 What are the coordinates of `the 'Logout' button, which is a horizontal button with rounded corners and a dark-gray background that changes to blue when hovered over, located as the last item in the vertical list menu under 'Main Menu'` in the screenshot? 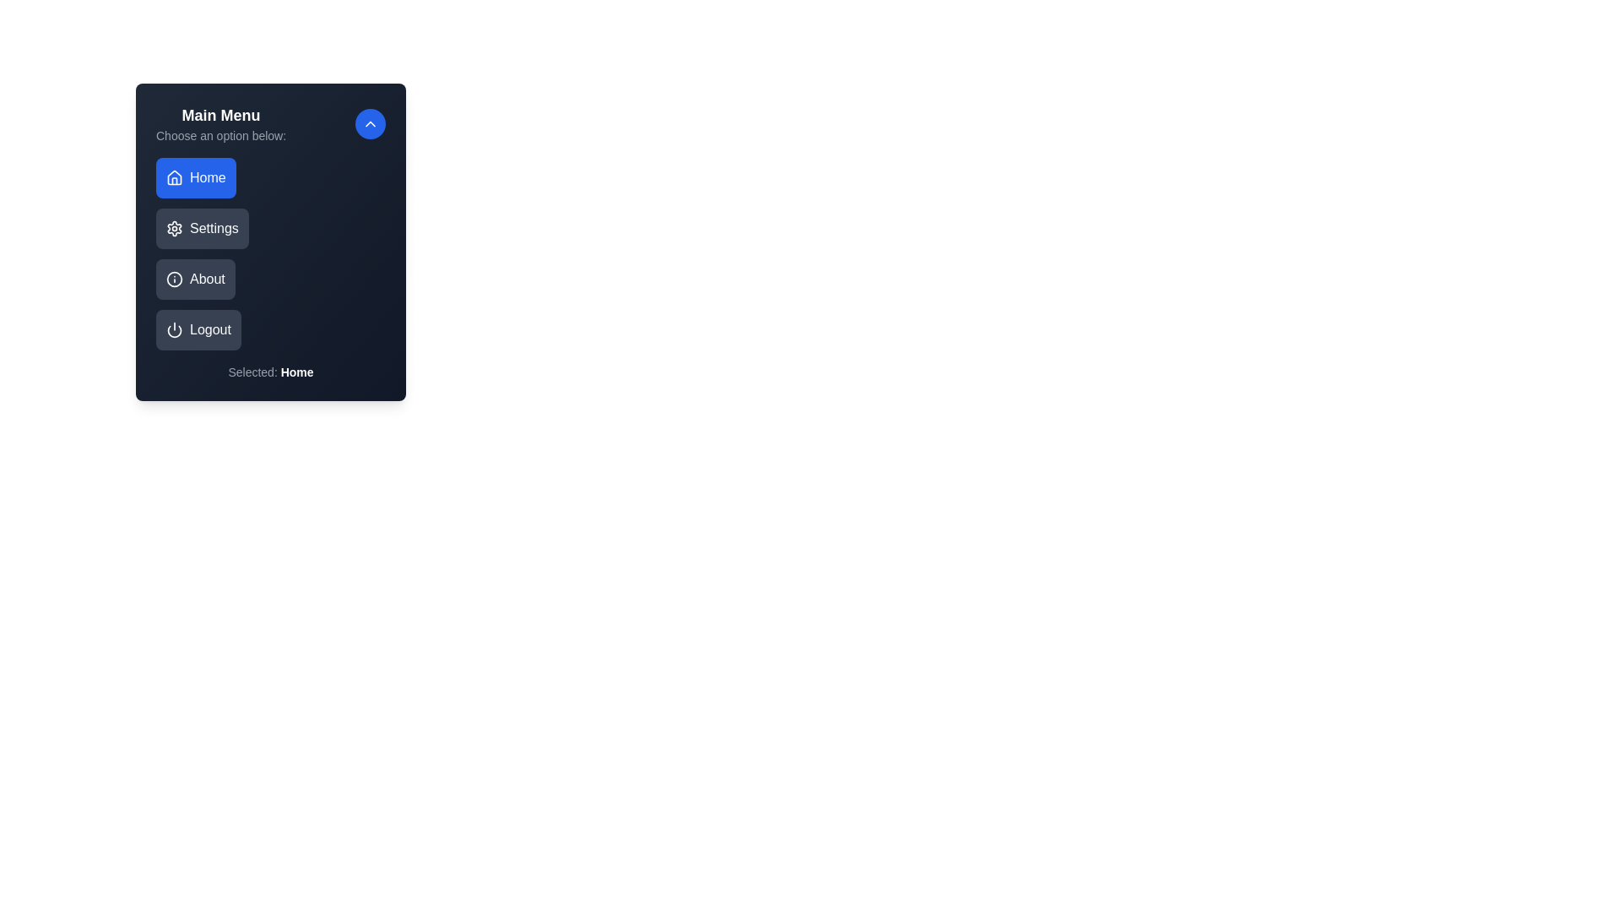 It's located at (198, 329).